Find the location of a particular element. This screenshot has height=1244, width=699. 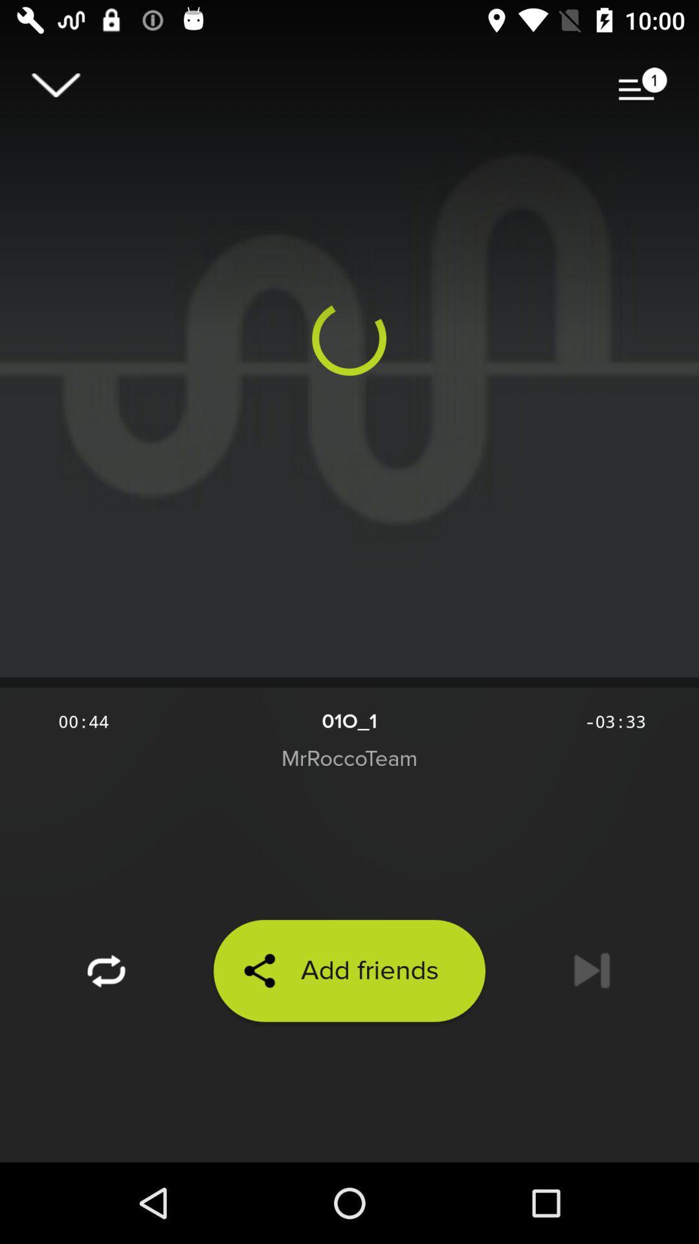

the repeat icon is located at coordinates (106, 971).